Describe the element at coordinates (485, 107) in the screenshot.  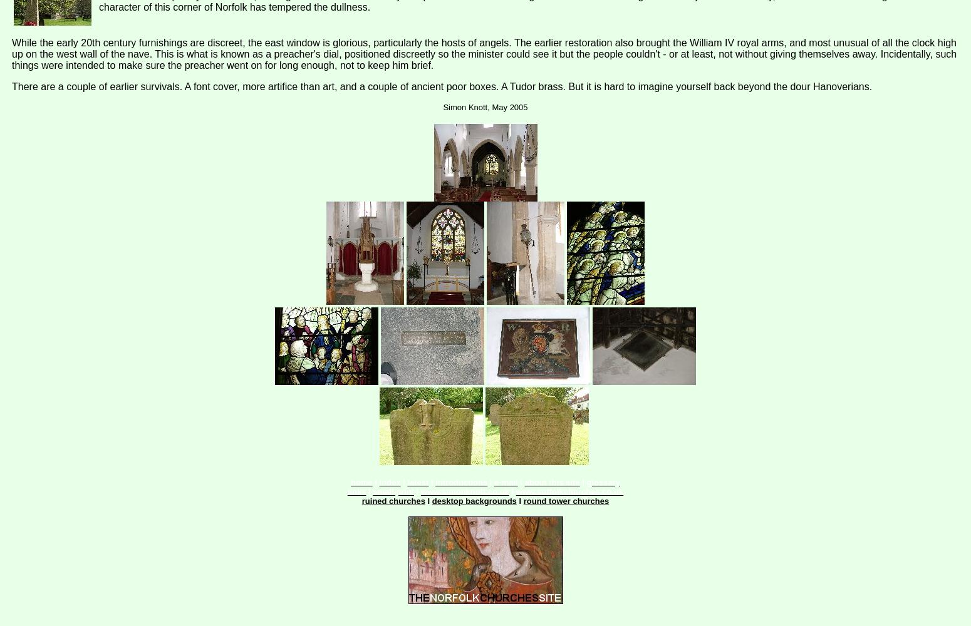
I see `'Simon Knott, May 2005'` at that location.